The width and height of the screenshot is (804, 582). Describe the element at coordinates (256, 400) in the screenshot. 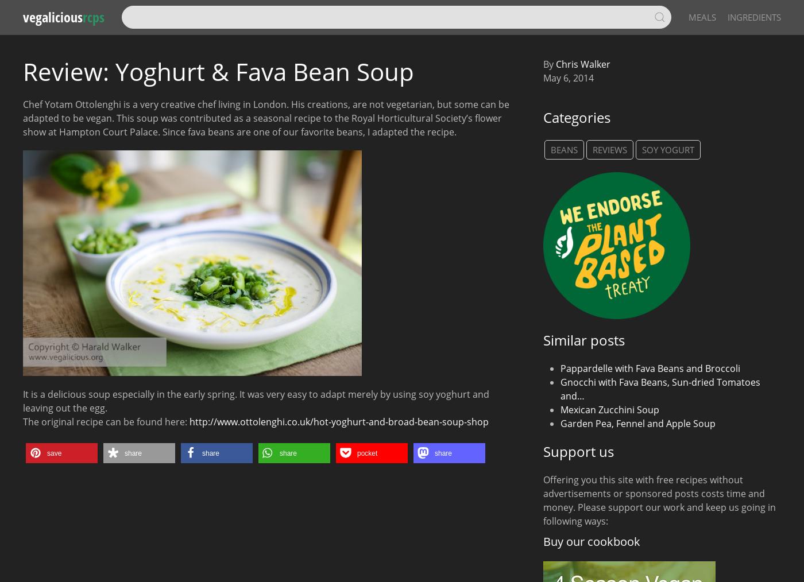

I see `'It is a delicious soup especially in the early spring. It was very easy to adapt merely by using soy yoghurt and leaving out the egg.'` at that location.